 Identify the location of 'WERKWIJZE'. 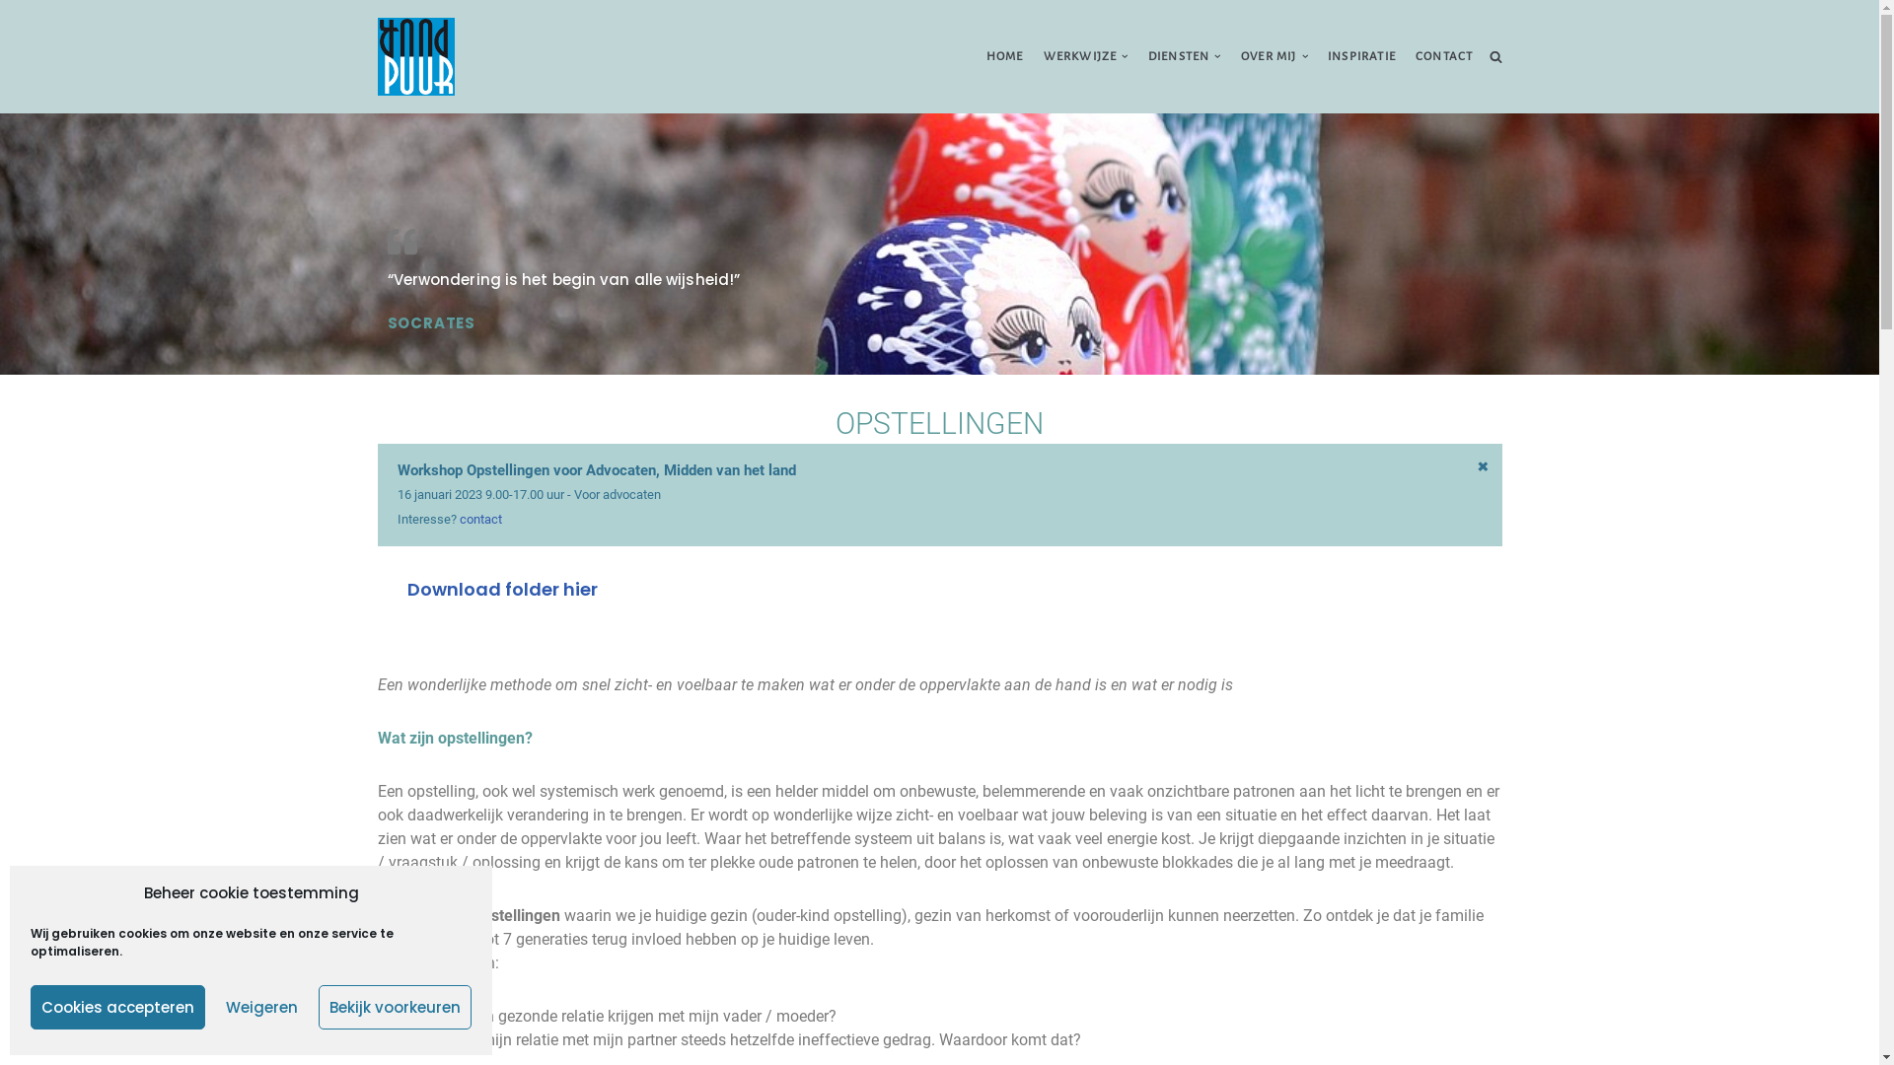
(1079, 55).